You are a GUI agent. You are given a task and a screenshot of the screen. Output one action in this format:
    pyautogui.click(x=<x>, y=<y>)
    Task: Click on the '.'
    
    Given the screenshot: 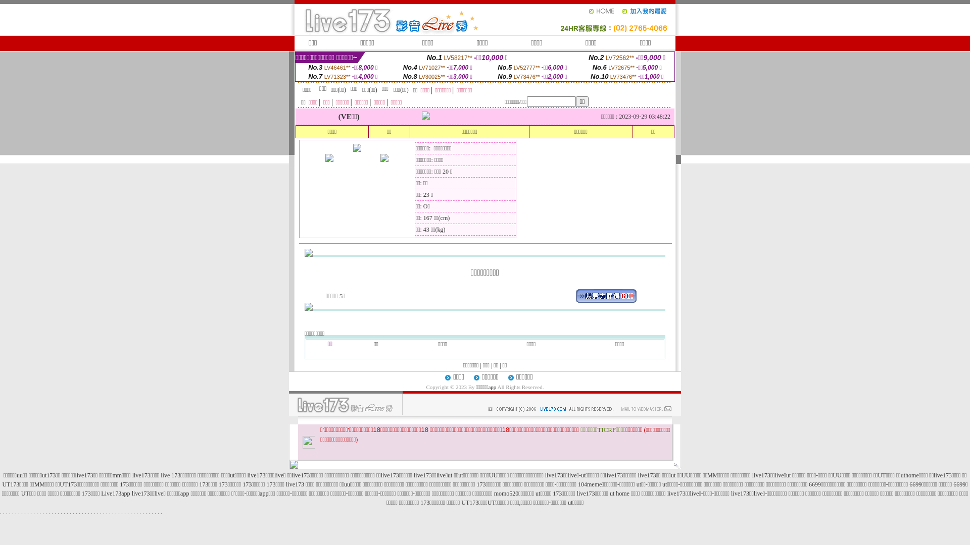 What is the action you would take?
    pyautogui.click(x=139, y=512)
    